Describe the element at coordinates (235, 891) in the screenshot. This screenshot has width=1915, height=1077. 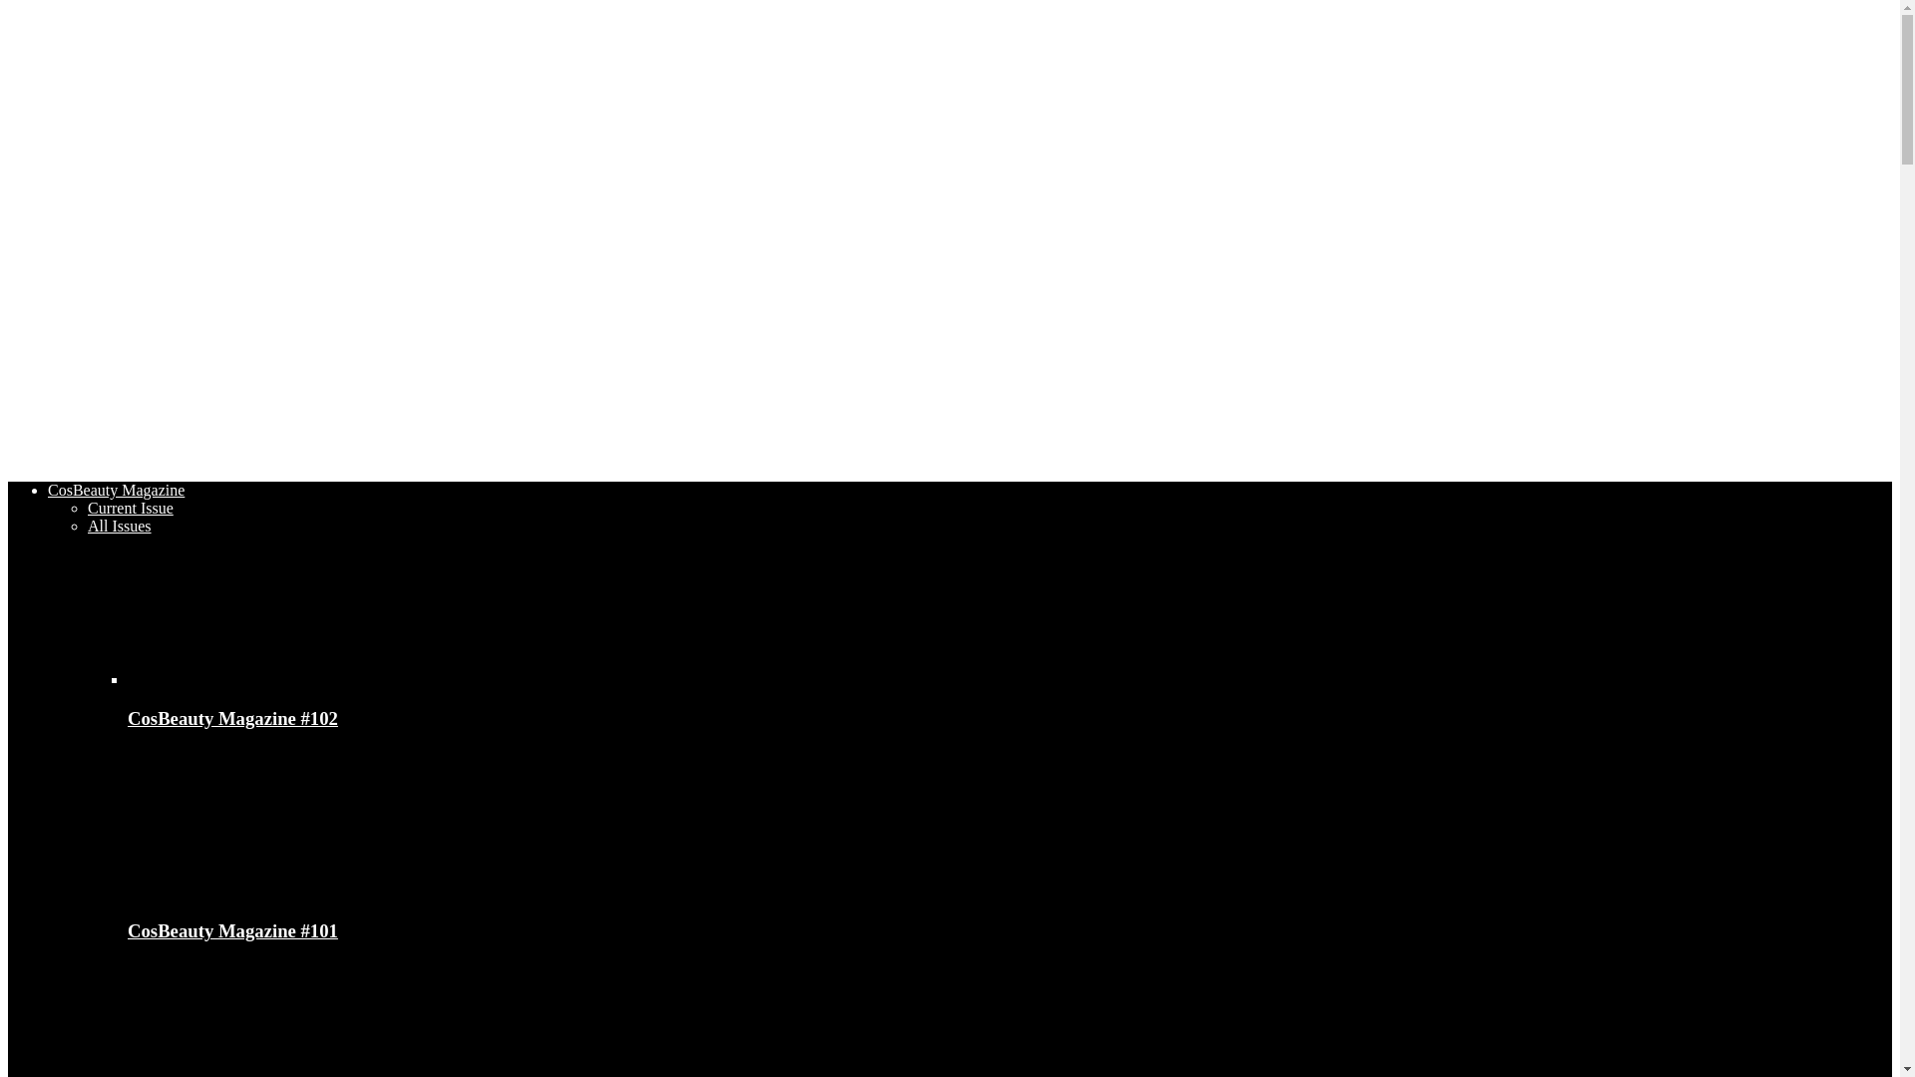
I see `'CosBeauty Magazine #101'` at that location.